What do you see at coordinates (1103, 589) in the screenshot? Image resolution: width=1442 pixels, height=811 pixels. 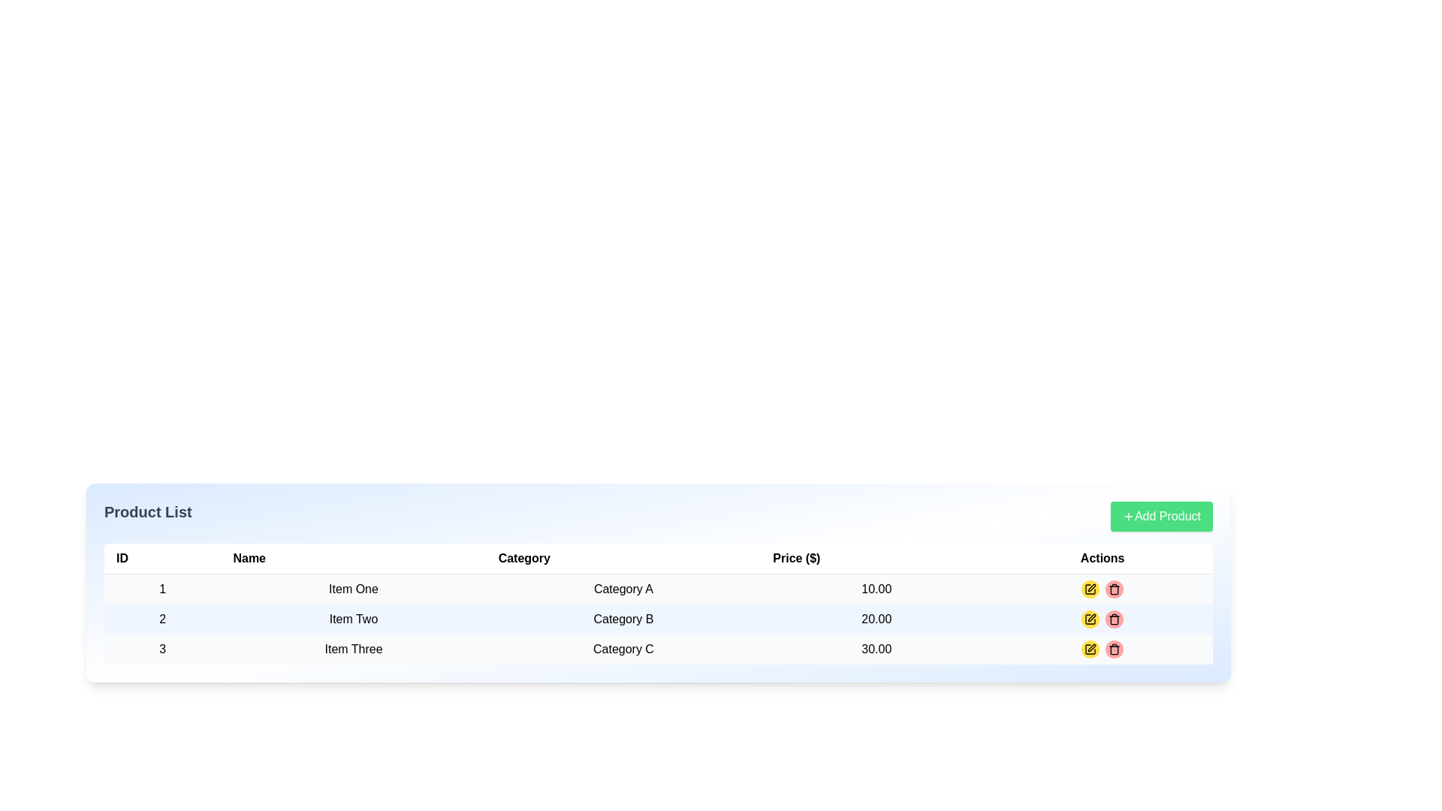 I see `the yellow button with a pen icon` at bounding box center [1103, 589].